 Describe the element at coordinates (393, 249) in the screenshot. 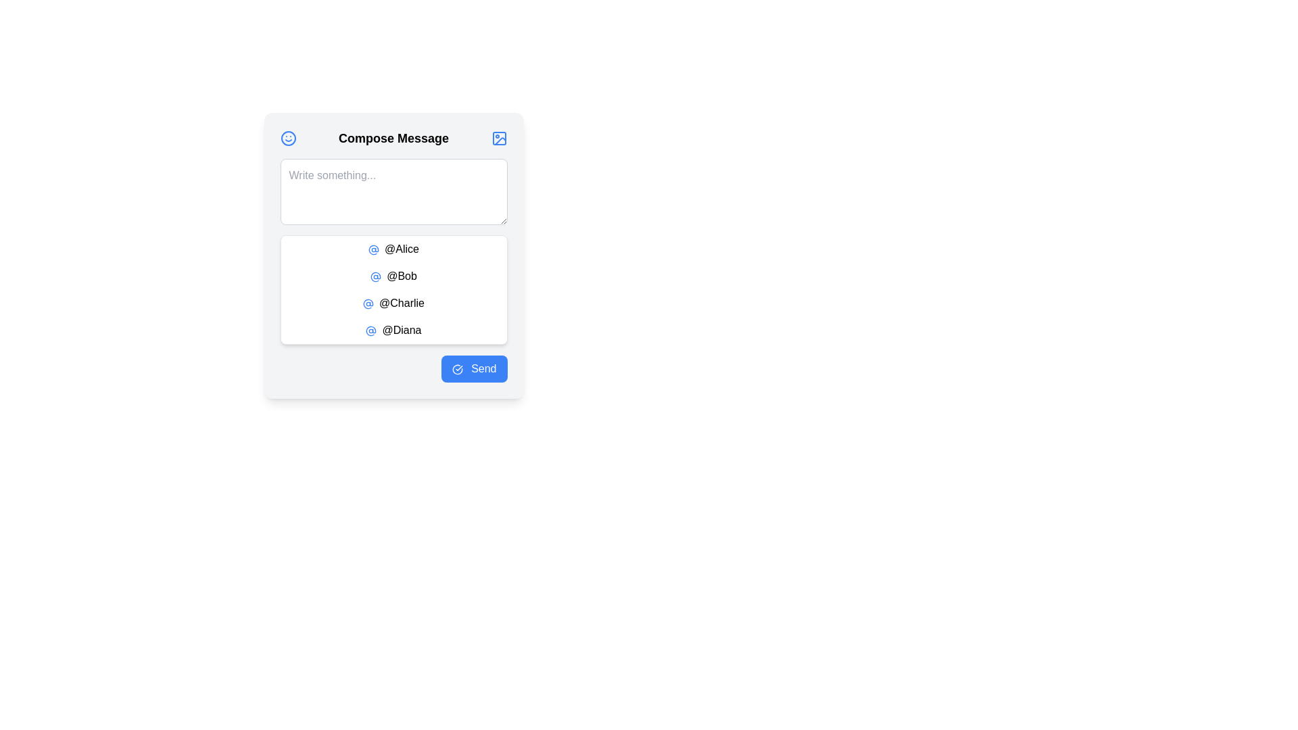

I see `to select the interactive list item '@Alice', which is styled with a blue hover effect and is the first option in the dropdown menu` at that location.